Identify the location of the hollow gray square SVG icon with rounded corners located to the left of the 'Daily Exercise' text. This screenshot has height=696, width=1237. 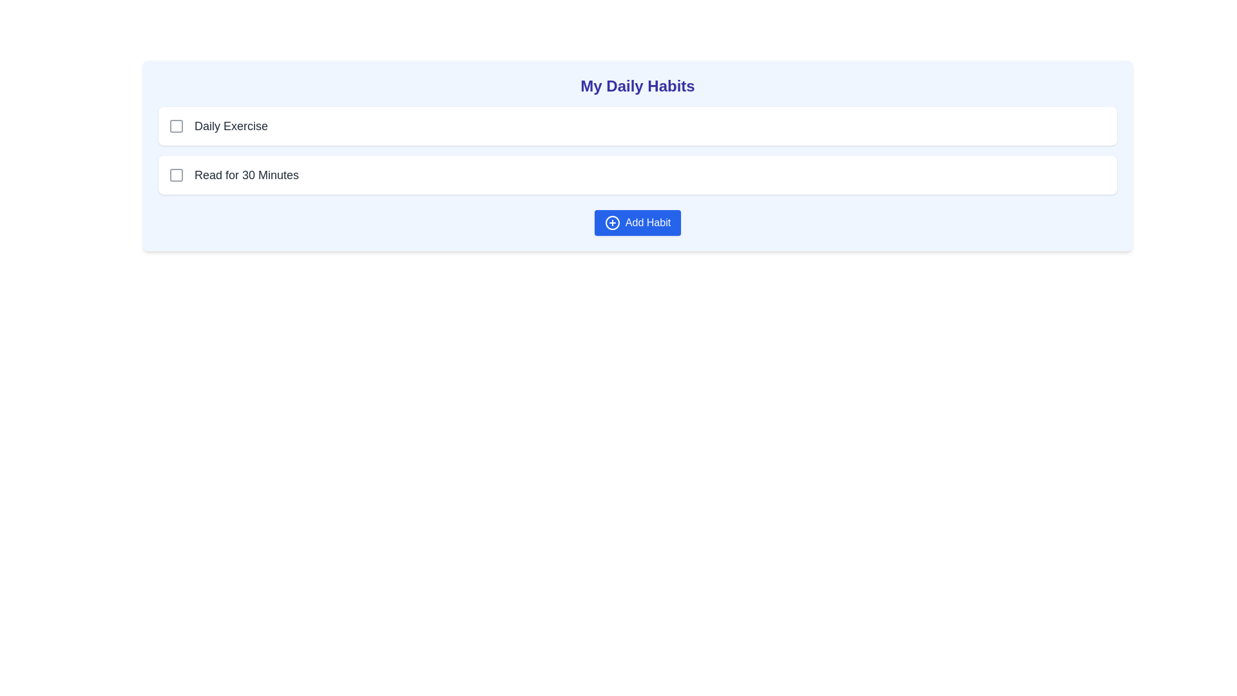
(175, 126).